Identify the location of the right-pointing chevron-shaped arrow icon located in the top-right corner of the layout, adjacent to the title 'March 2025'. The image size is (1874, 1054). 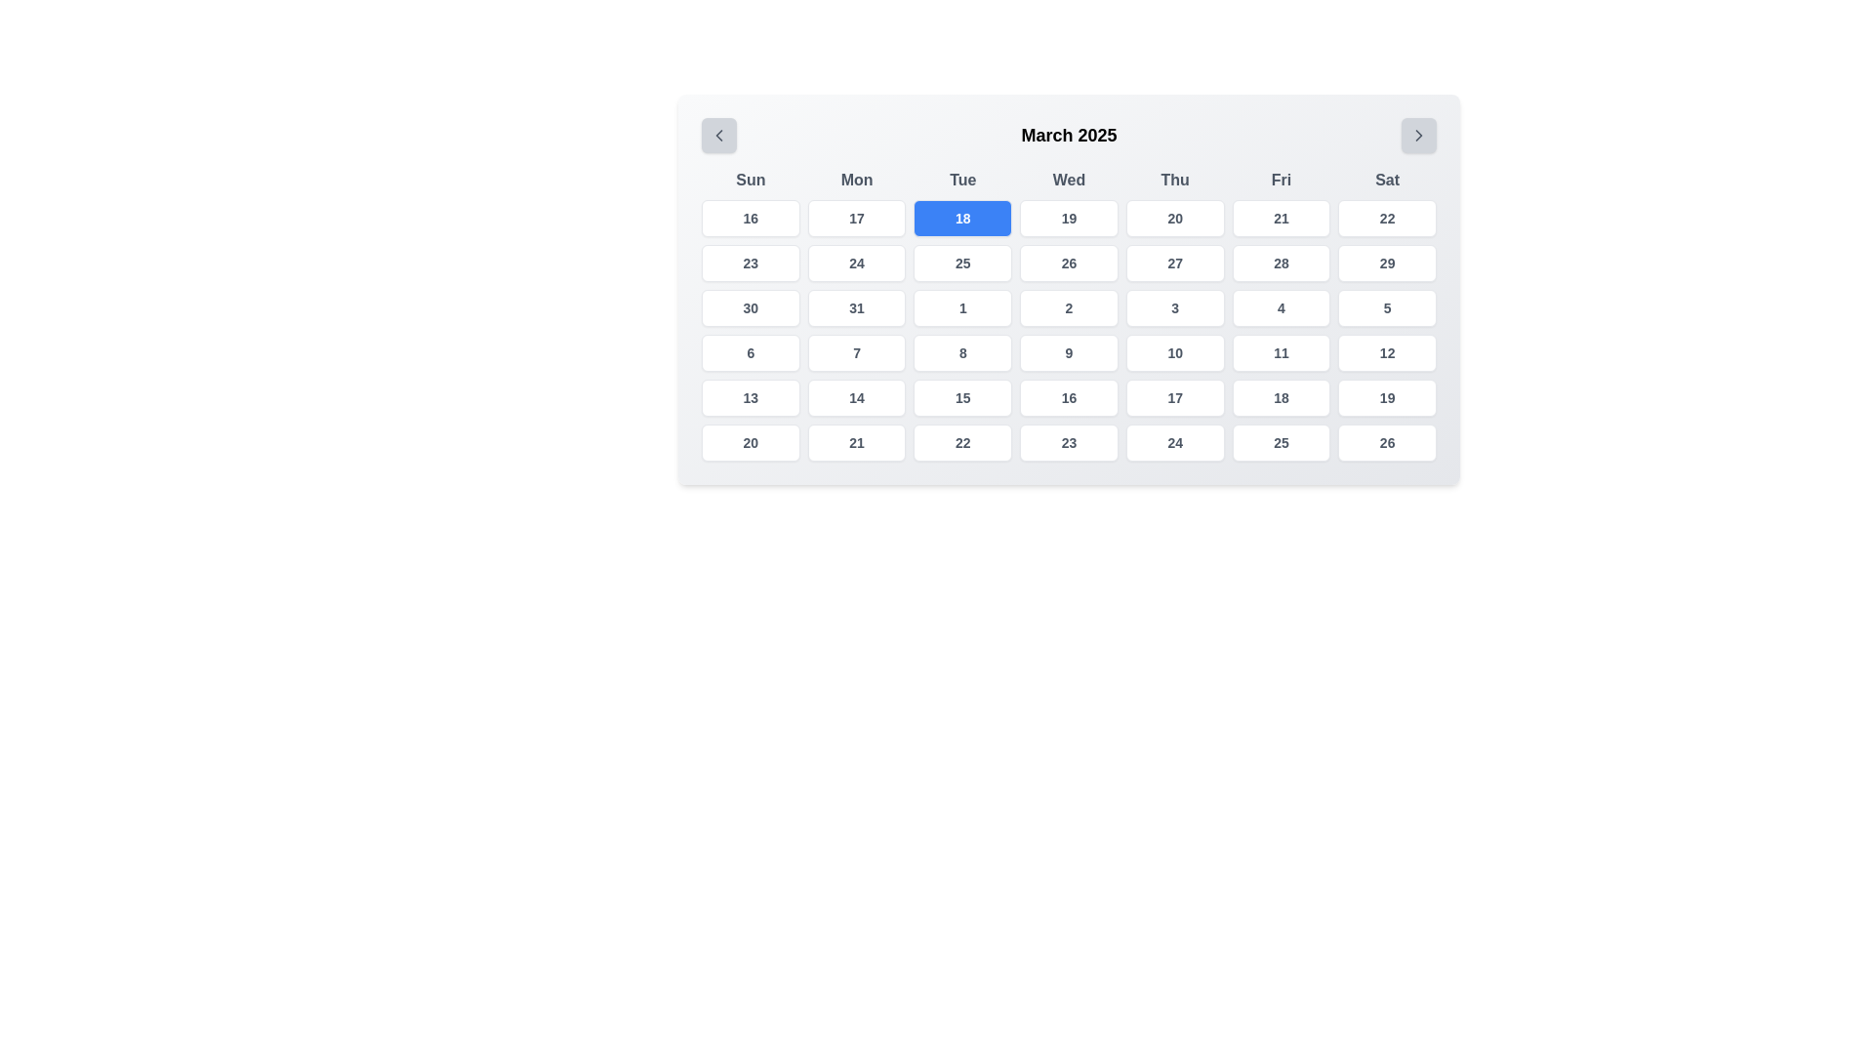
(1419, 134).